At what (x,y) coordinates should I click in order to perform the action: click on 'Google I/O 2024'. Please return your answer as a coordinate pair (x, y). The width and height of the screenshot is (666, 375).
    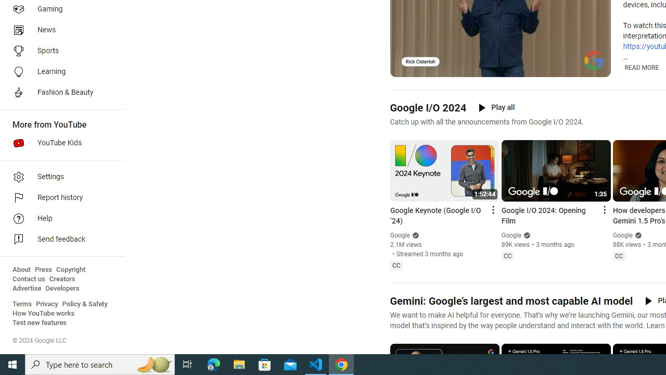
    Looking at the image, I should click on (428, 107).